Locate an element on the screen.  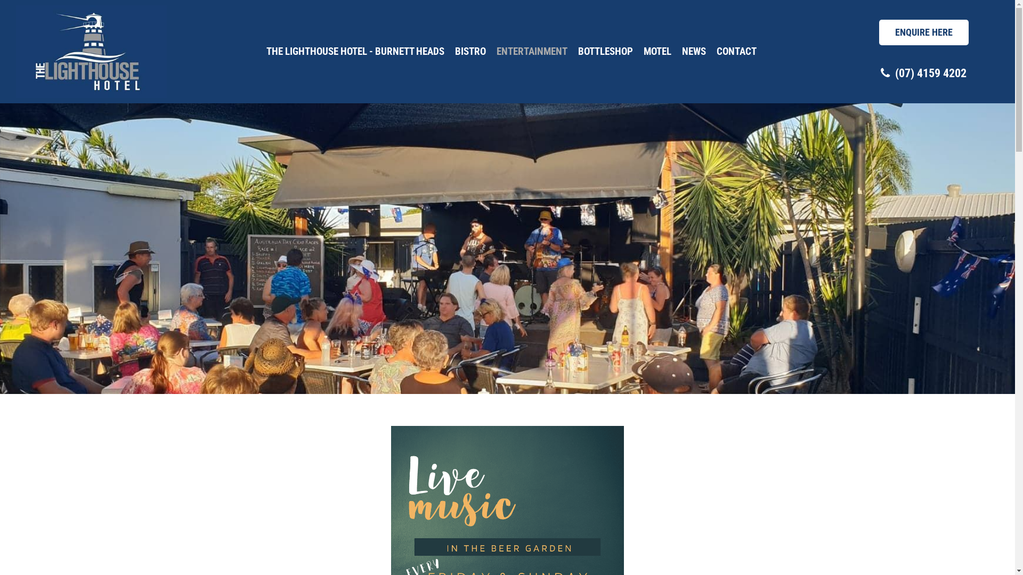
'ENQUIRE HERE' is located at coordinates (879, 32).